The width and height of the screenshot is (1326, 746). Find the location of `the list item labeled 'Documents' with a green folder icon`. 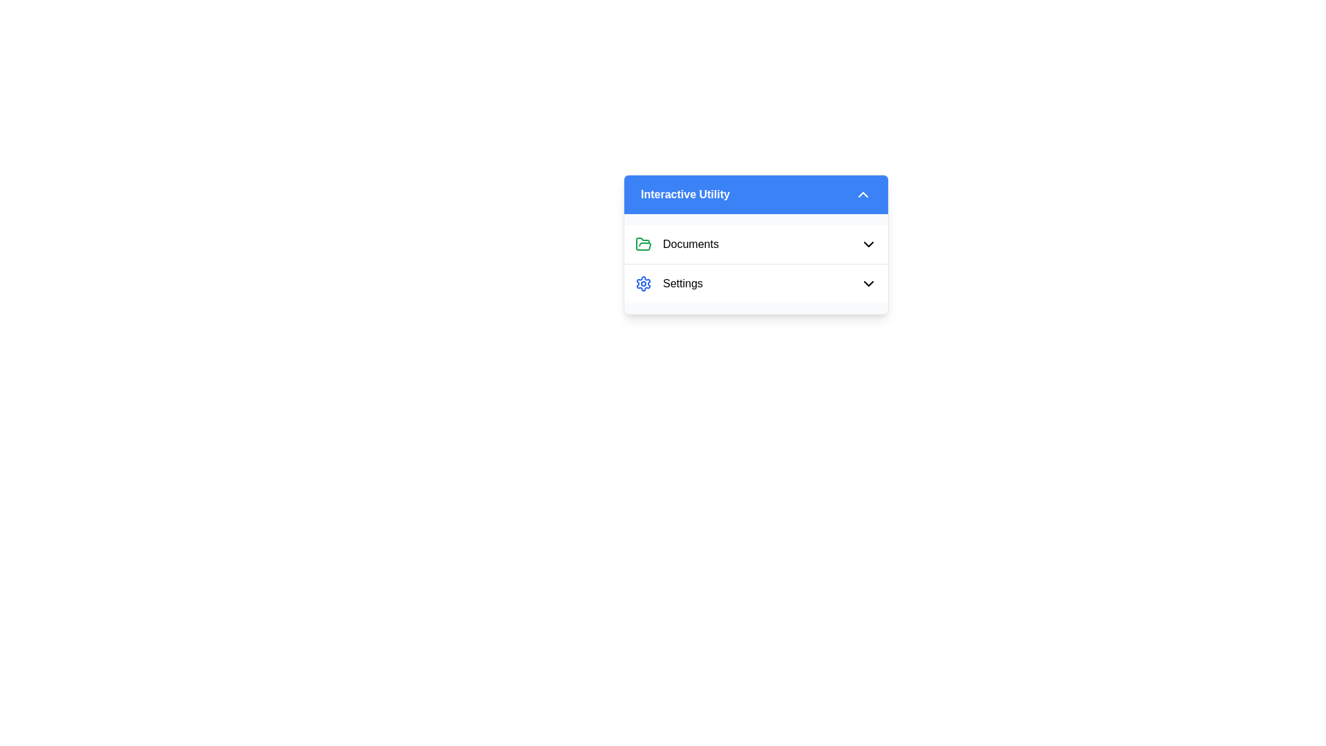

the list item labeled 'Documents' with a green folder icon is located at coordinates (677, 244).